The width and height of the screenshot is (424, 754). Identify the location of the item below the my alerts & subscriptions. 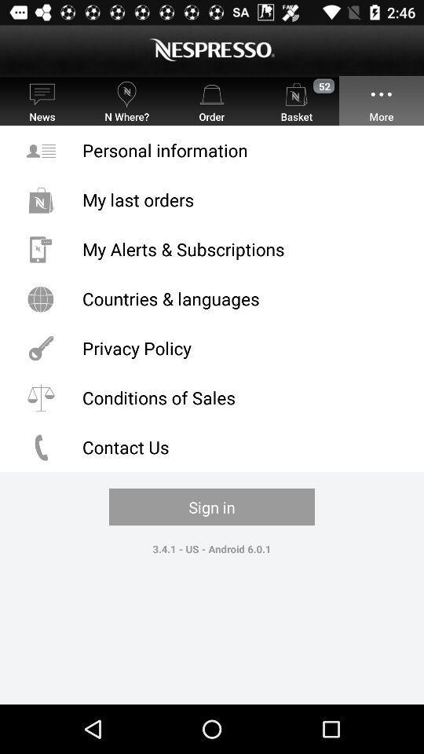
(212, 298).